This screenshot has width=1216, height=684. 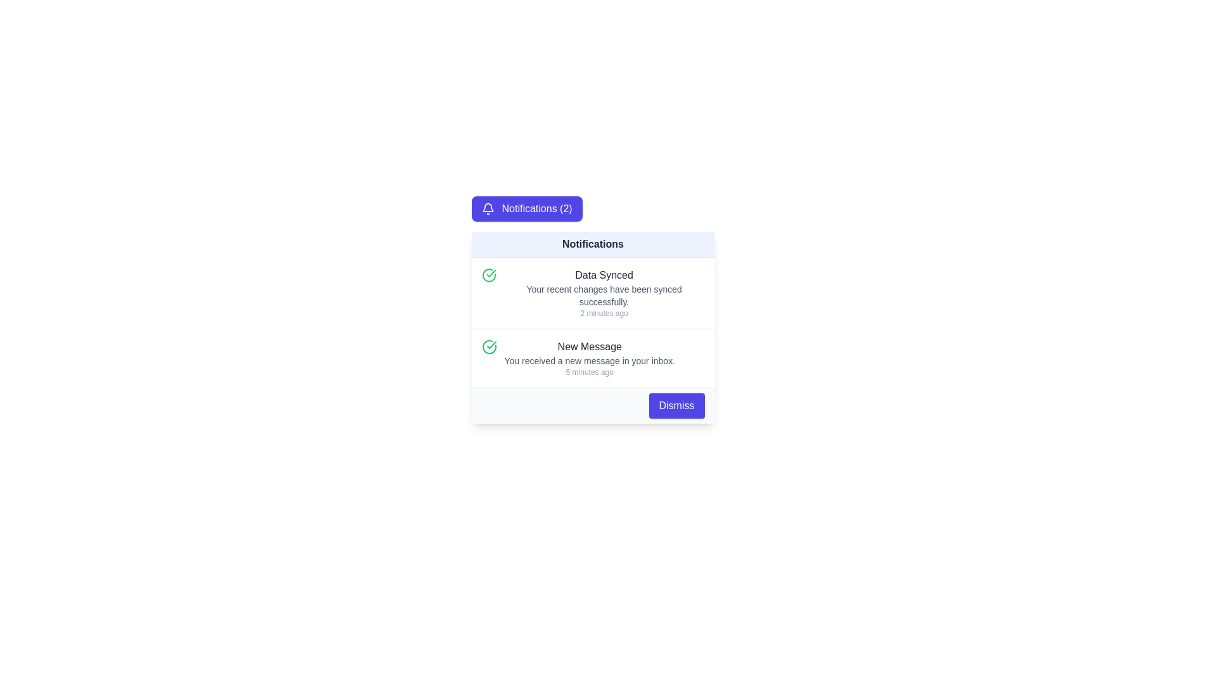 I want to click on the green circular icon with a check mark inside, located in the first notification entry labeled 'Data Synced', so click(x=488, y=346).